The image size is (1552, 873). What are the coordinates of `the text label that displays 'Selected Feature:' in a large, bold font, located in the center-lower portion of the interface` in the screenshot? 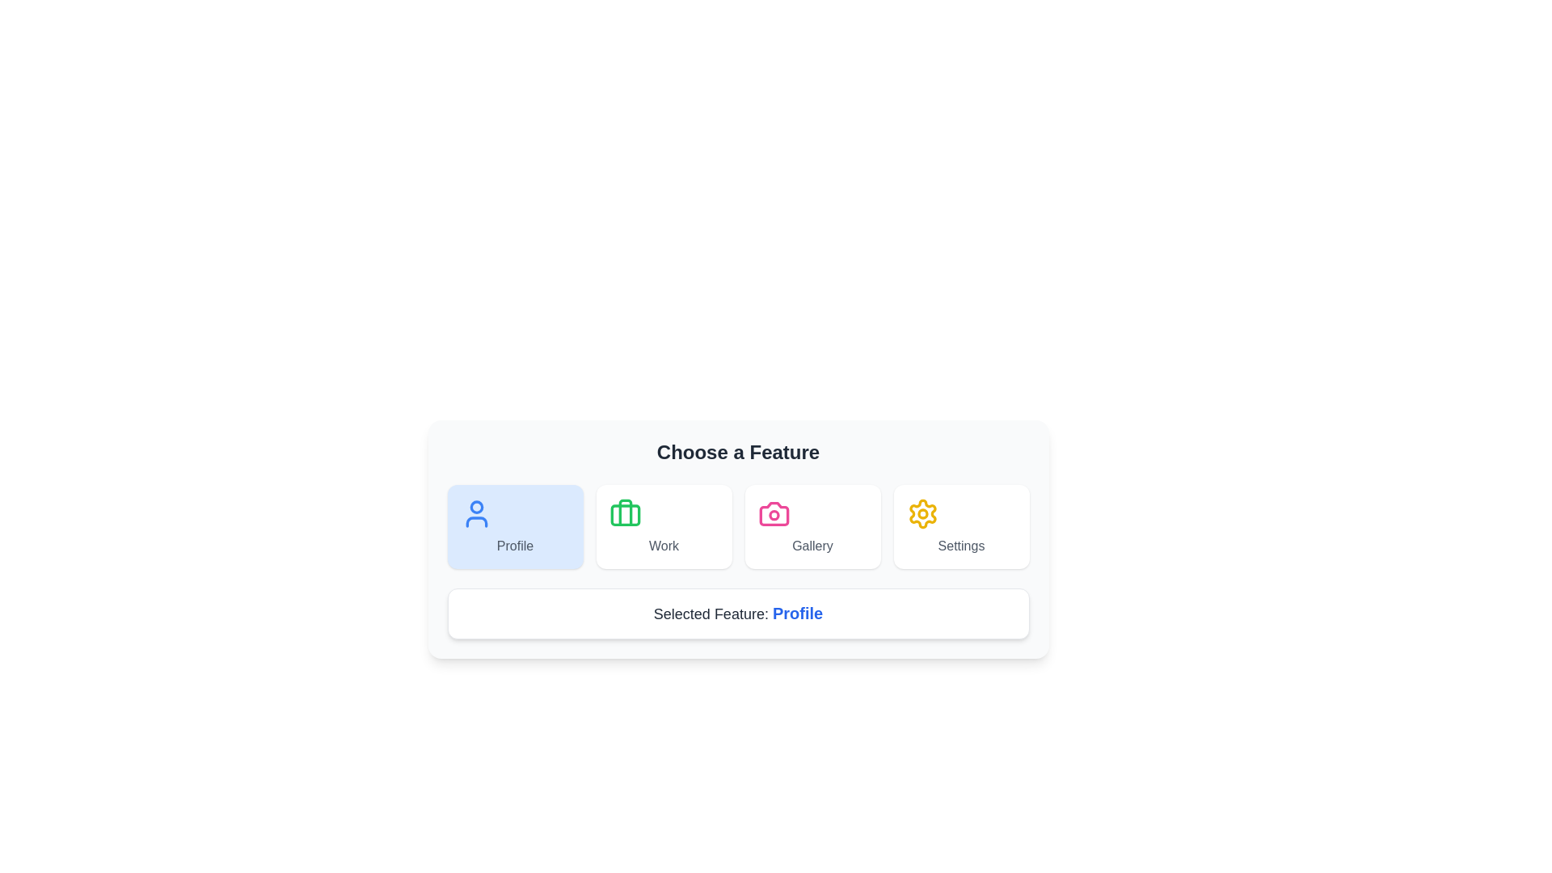 It's located at (712, 614).